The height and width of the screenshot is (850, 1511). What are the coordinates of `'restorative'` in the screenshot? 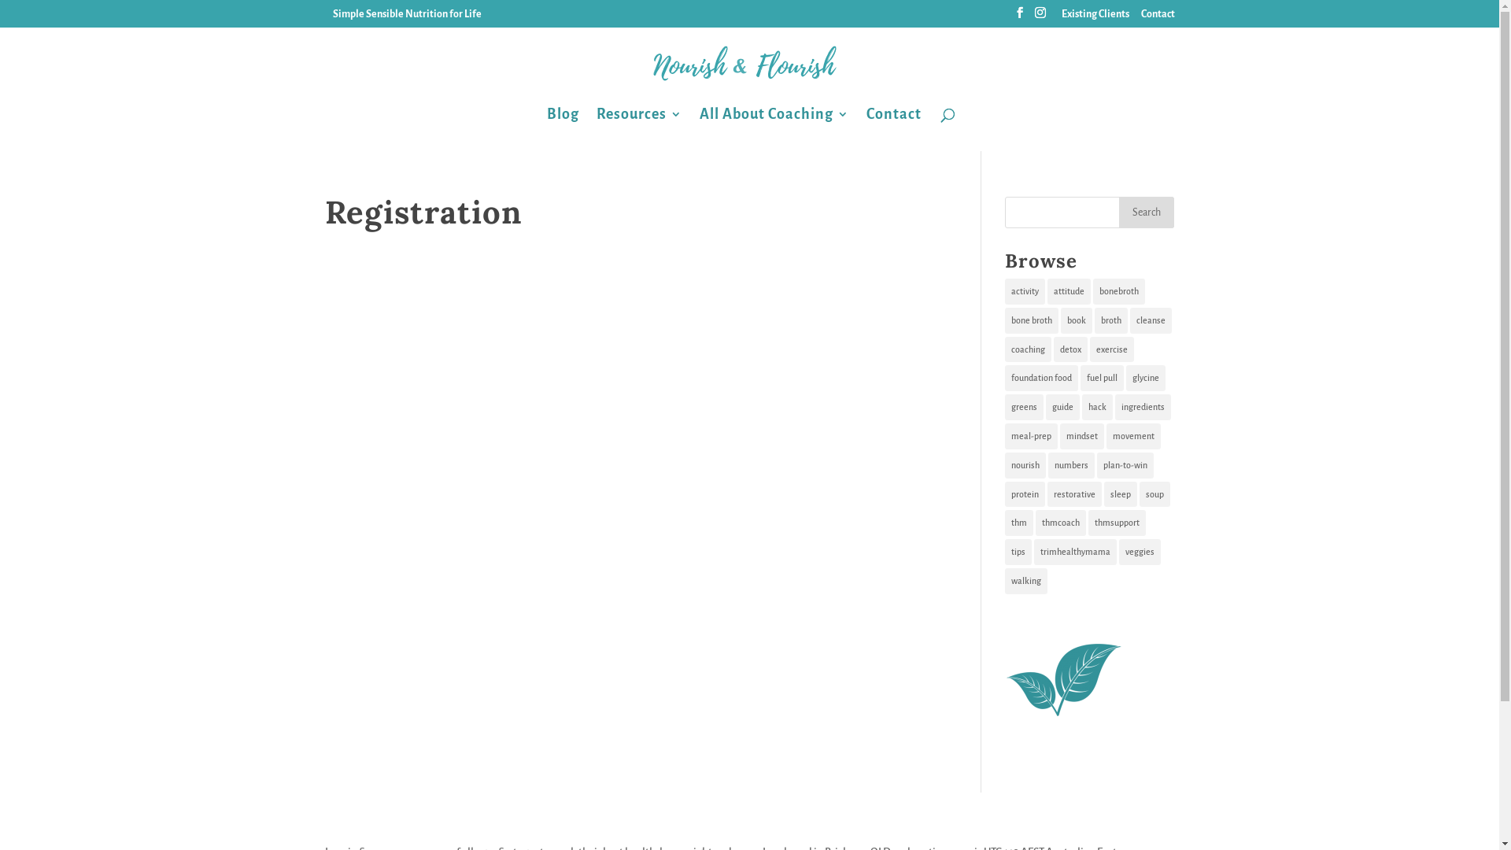 It's located at (1073, 493).